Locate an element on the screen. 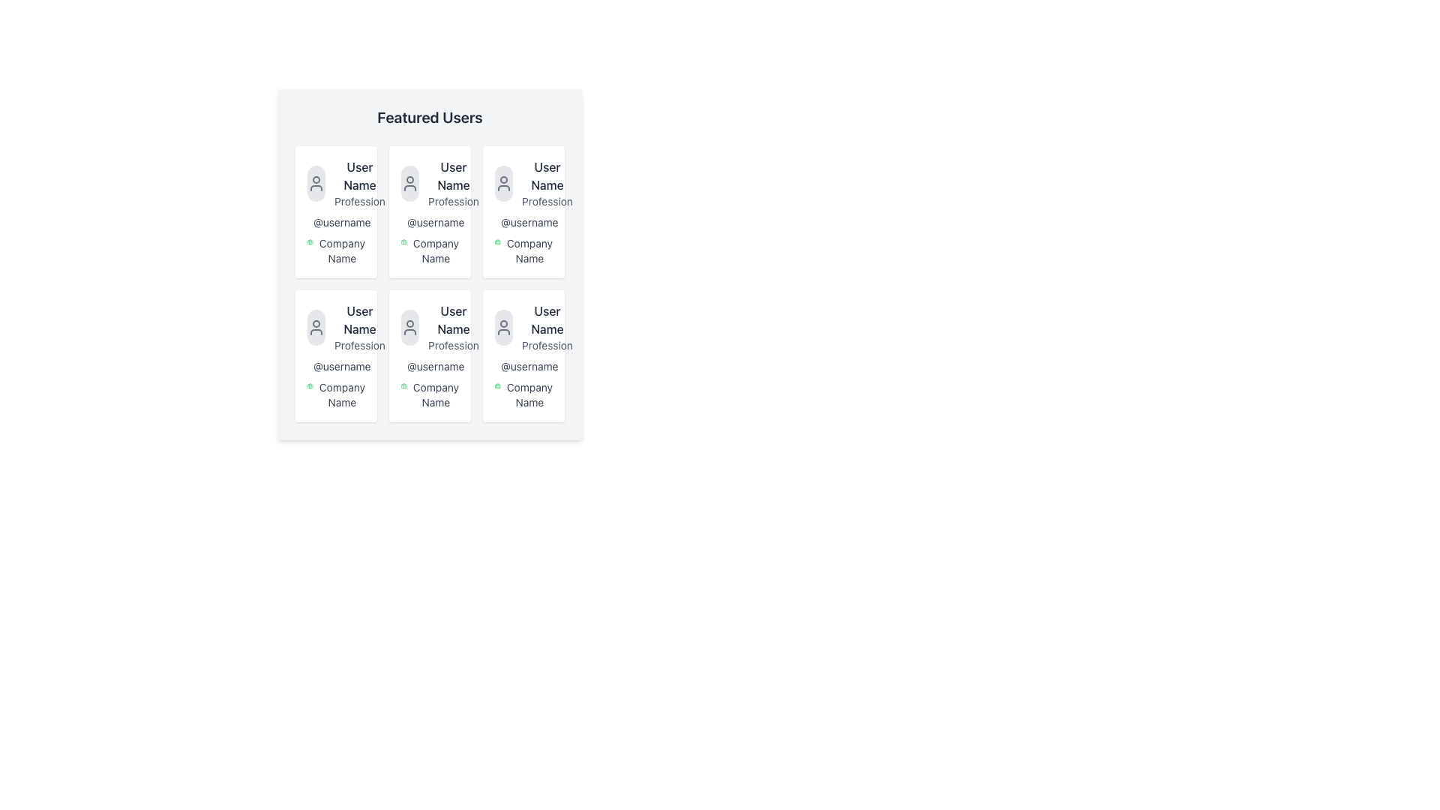 The image size is (1440, 810). the user profile silhouette icon located is located at coordinates (316, 326).